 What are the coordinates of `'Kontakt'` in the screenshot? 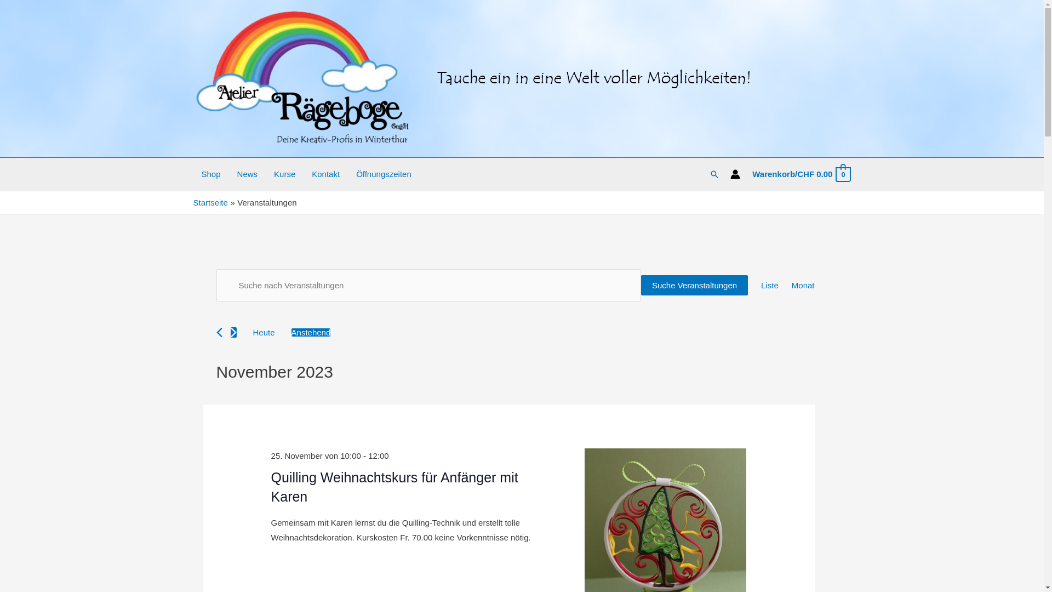 It's located at (325, 173).